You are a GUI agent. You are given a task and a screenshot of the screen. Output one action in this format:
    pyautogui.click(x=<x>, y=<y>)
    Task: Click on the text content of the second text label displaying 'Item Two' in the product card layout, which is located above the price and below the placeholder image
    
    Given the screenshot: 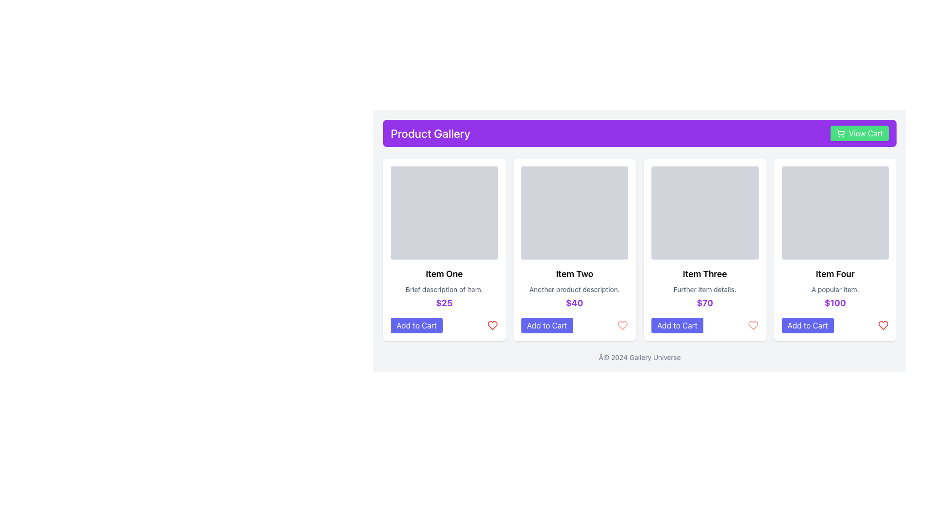 What is the action you would take?
    pyautogui.click(x=574, y=274)
    